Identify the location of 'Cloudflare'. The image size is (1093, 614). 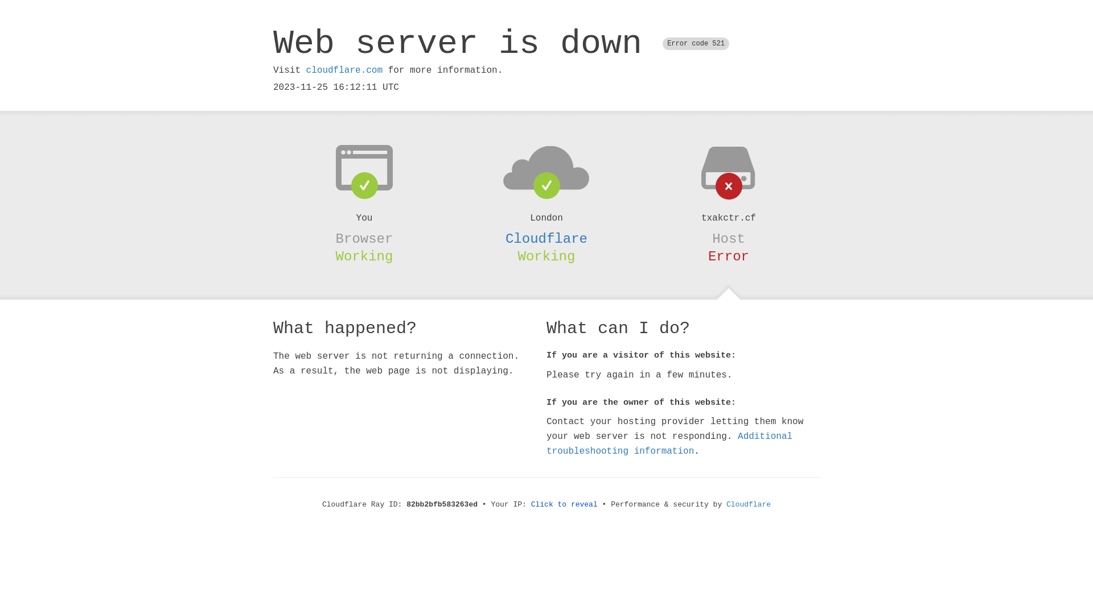
(546, 238).